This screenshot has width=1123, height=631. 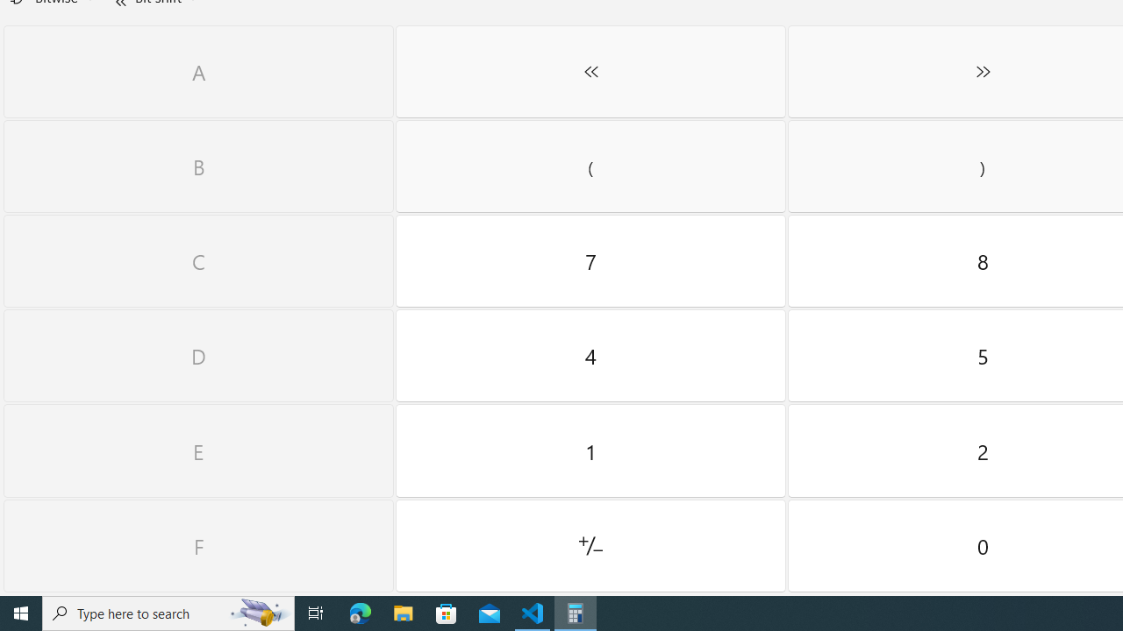 What do you see at coordinates (590, 261) in the screenshot?
I see `'Seven'` at bounding box center [590, 261].